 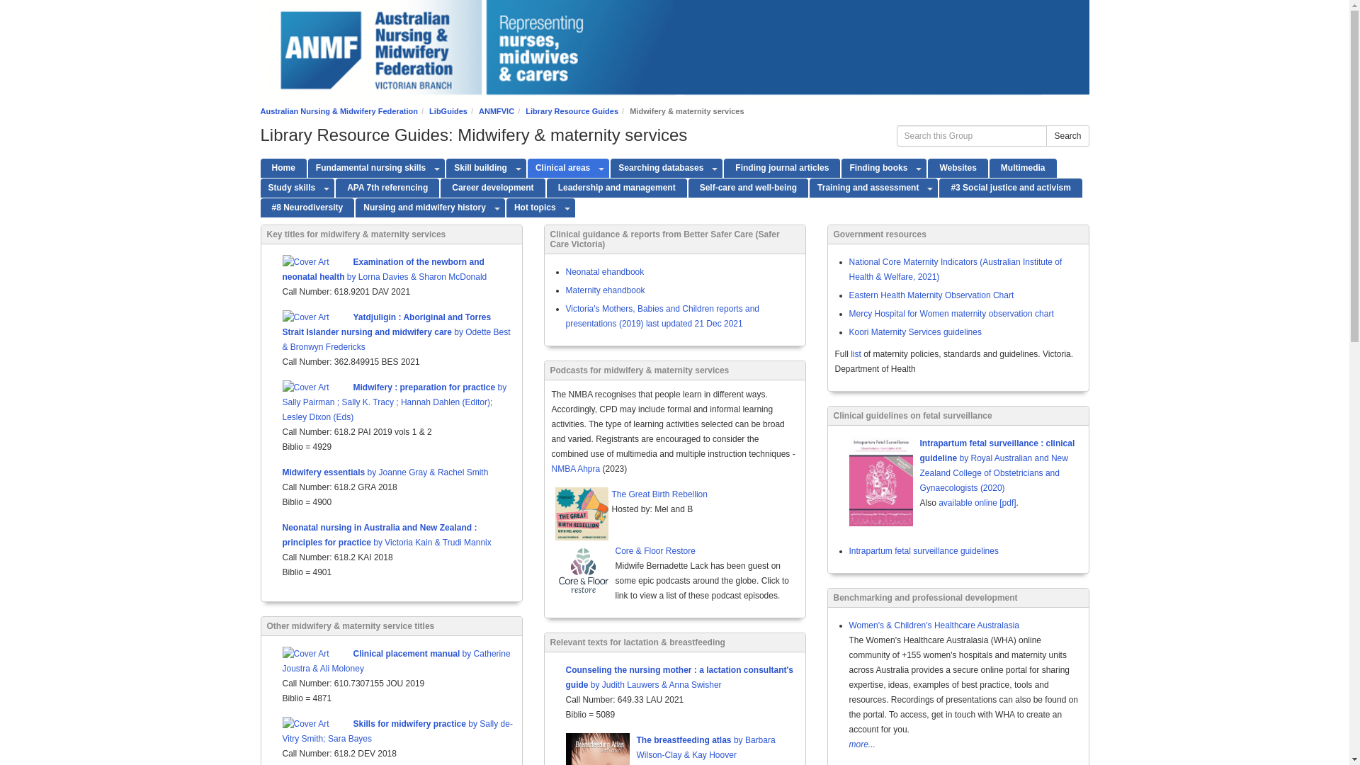 I want to click on 'Toggle Dropdown', so click(x=497, y=208).